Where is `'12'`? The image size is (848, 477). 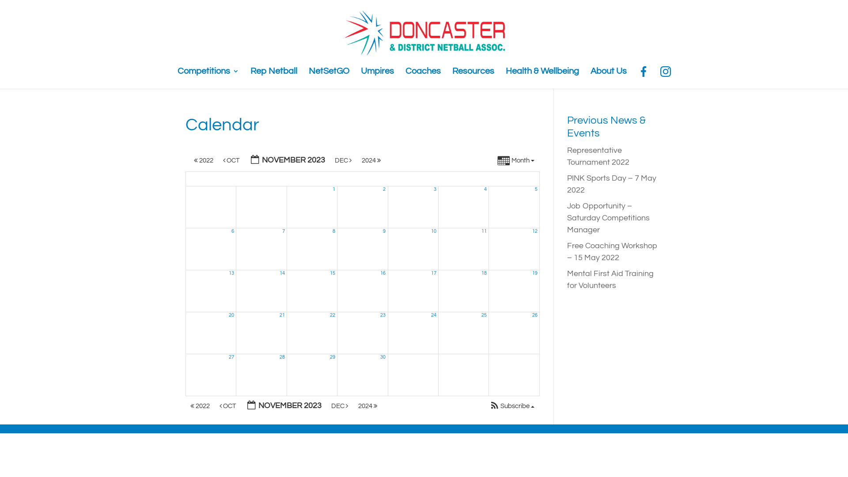
'12' is located at coordinates (534, 231).